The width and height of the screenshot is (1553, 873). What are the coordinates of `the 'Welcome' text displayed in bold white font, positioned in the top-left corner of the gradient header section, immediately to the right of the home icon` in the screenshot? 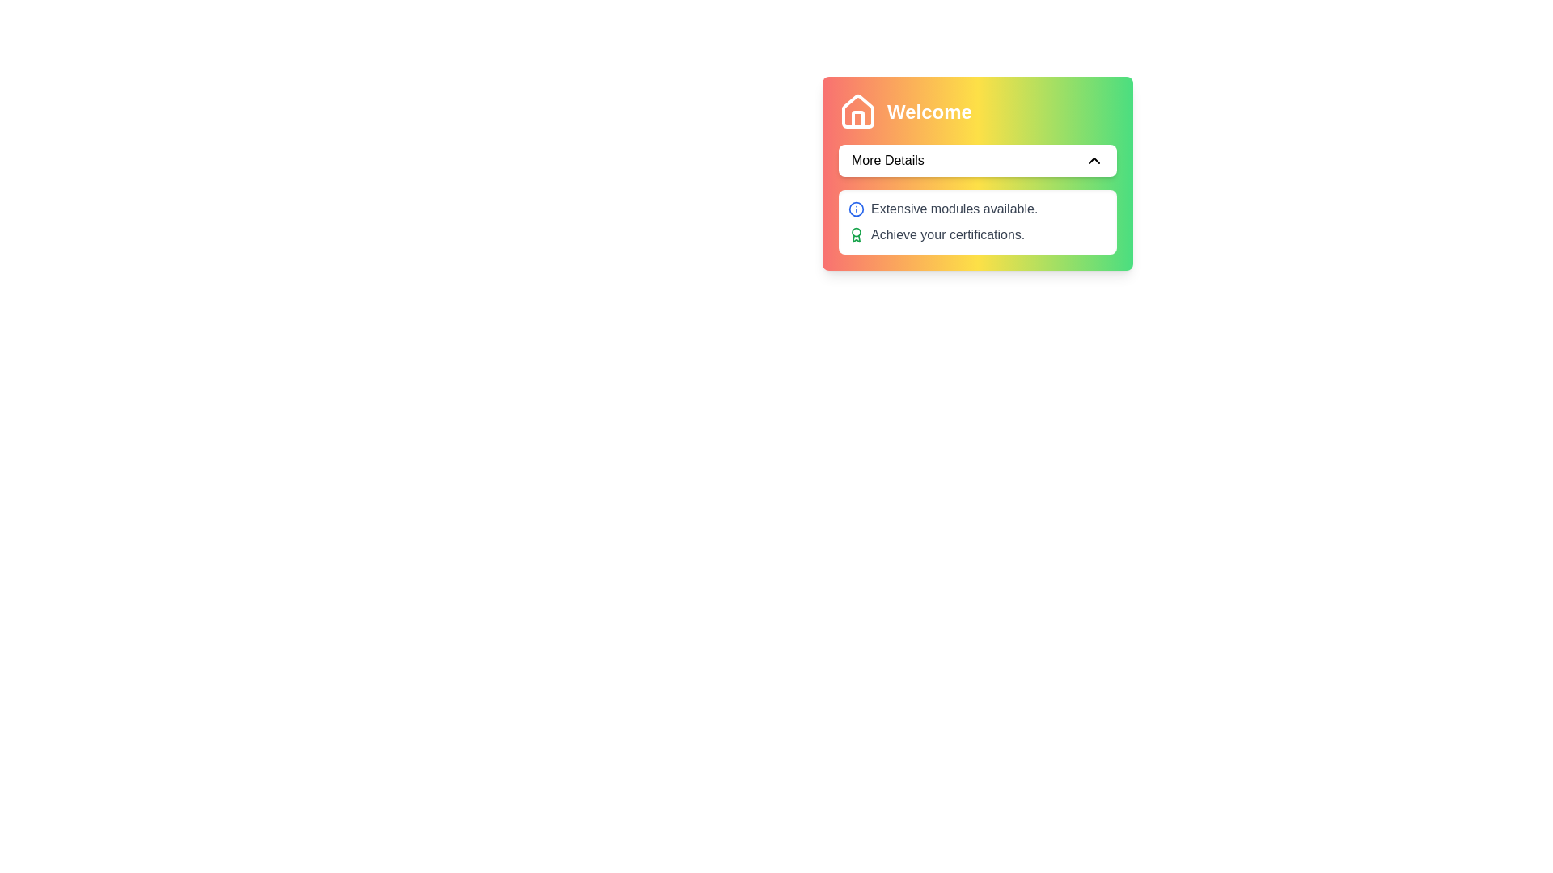 It's located at (929, 111).